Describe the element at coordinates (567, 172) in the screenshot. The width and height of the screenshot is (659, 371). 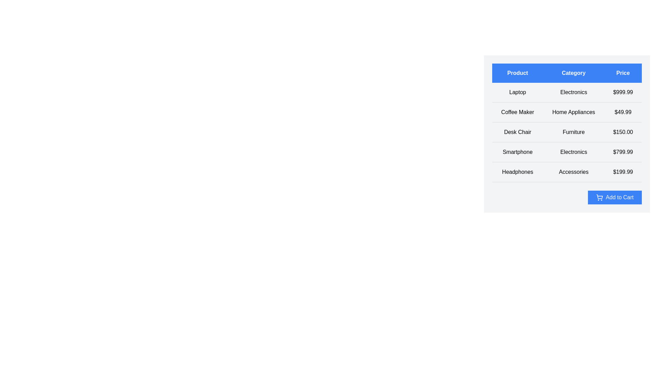
I see `the last row of the table displaying 'Headphones', 'Accessories', and '$199.99'` at that location.